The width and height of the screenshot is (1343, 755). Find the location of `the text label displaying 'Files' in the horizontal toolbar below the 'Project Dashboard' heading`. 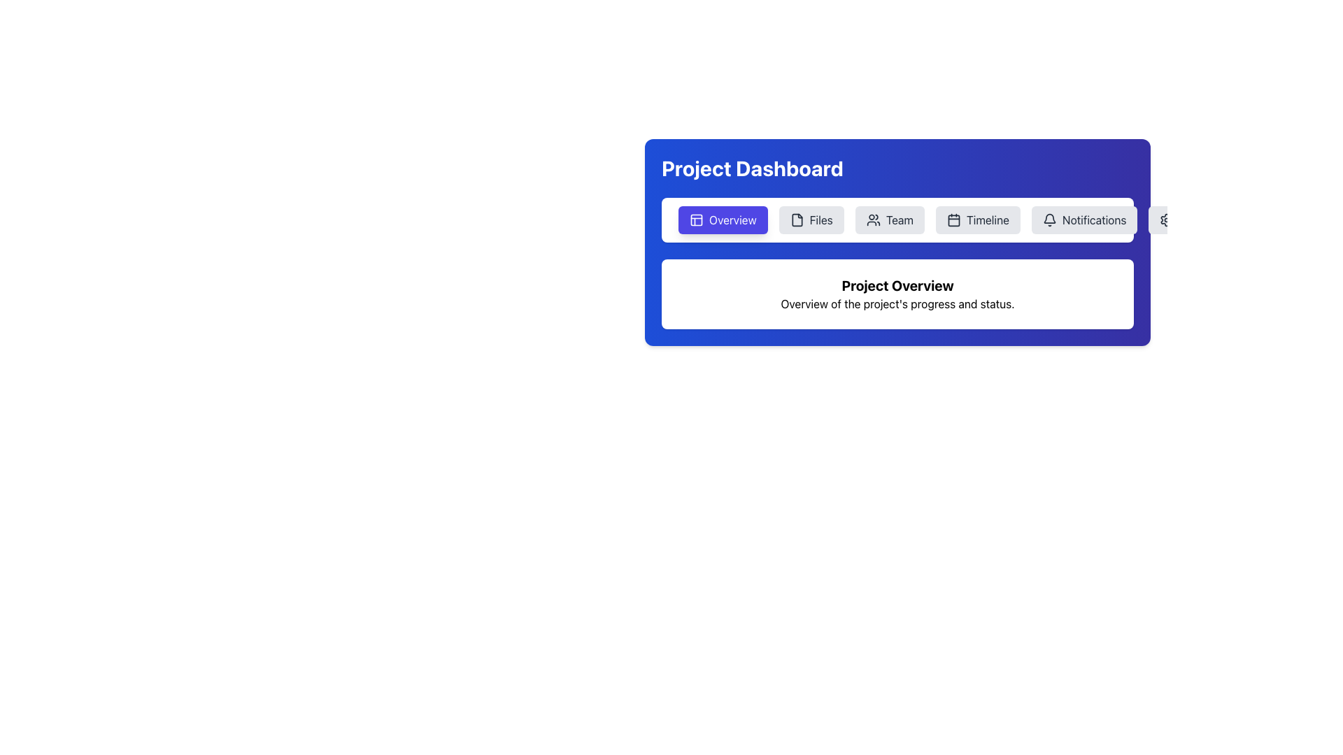

the text label displaying 'Files' in the horizontal toolbar below the 'Project Dashboard' heading is located at coordinates (821, 220).